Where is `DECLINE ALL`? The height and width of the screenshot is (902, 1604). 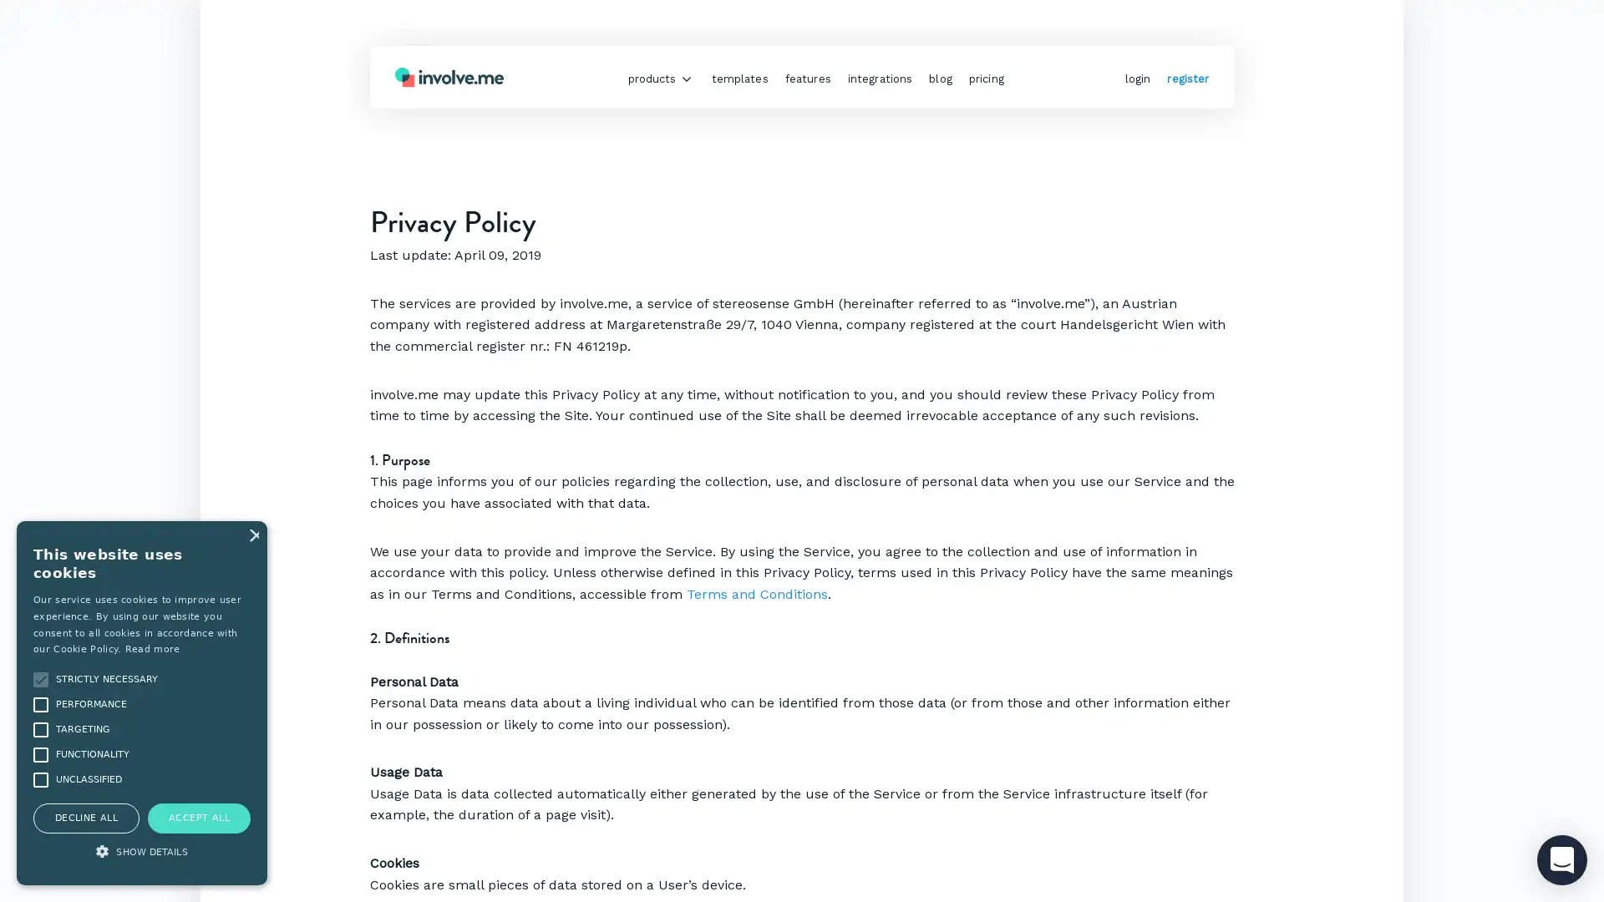
DECLINE ALL is located at coordinates (85, 817).